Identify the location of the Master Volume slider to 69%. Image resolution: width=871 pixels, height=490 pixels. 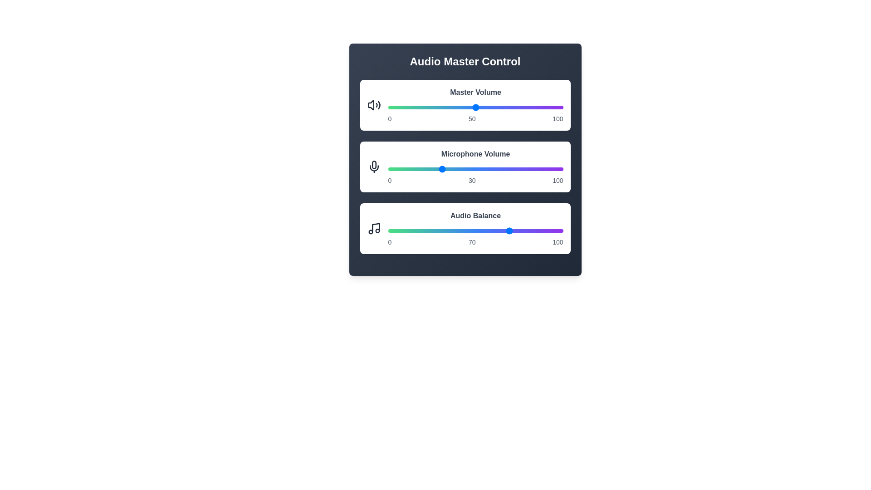
(509, 107).